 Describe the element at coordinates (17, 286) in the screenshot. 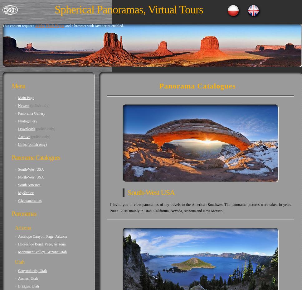

I see `'Bridges, Utah'` at that location.